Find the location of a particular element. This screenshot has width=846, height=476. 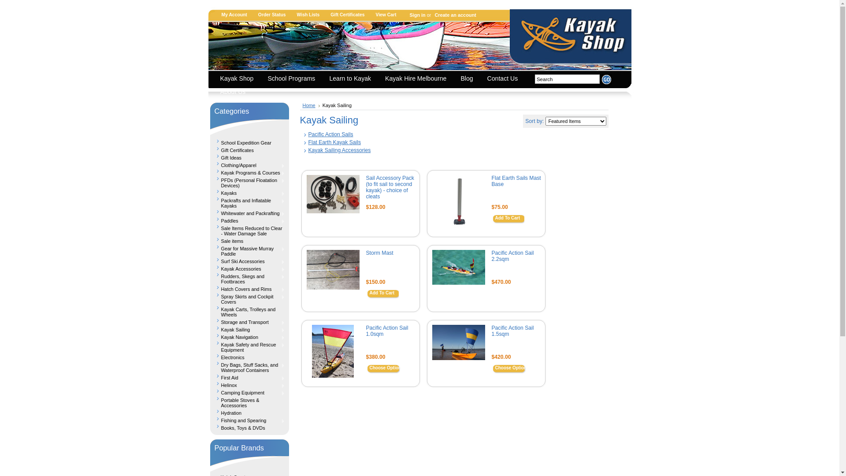

'Kayak Carts, Trolleys and Wheels' is located at coordinates (249, 310).